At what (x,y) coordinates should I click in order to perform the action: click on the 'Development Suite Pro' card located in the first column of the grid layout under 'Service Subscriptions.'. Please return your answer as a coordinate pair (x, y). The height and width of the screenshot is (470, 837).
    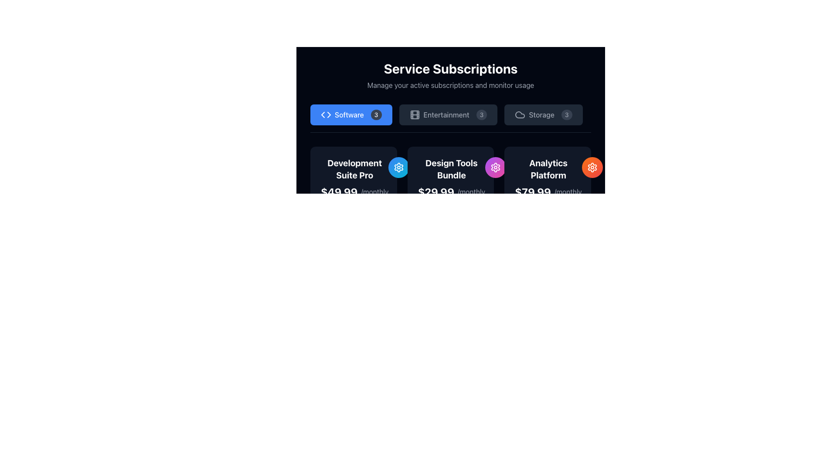
    Looking at the image, I should click on (354, 218).